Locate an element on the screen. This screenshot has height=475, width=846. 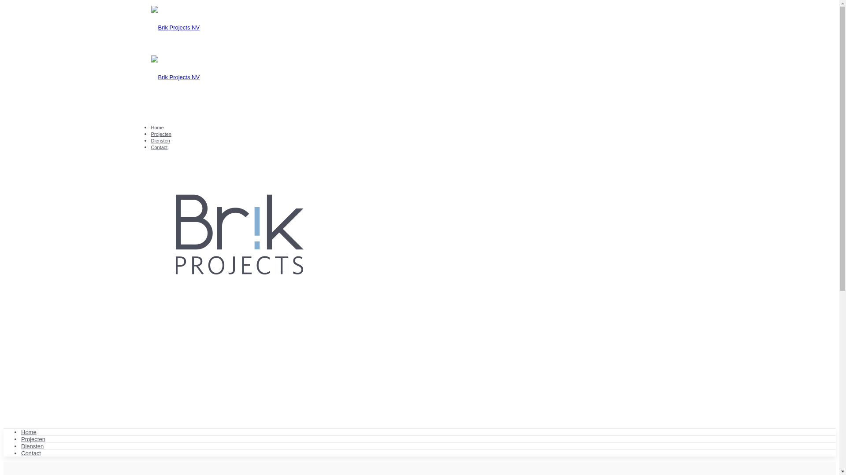
'Diensten' is located at coordinates (21, 446).